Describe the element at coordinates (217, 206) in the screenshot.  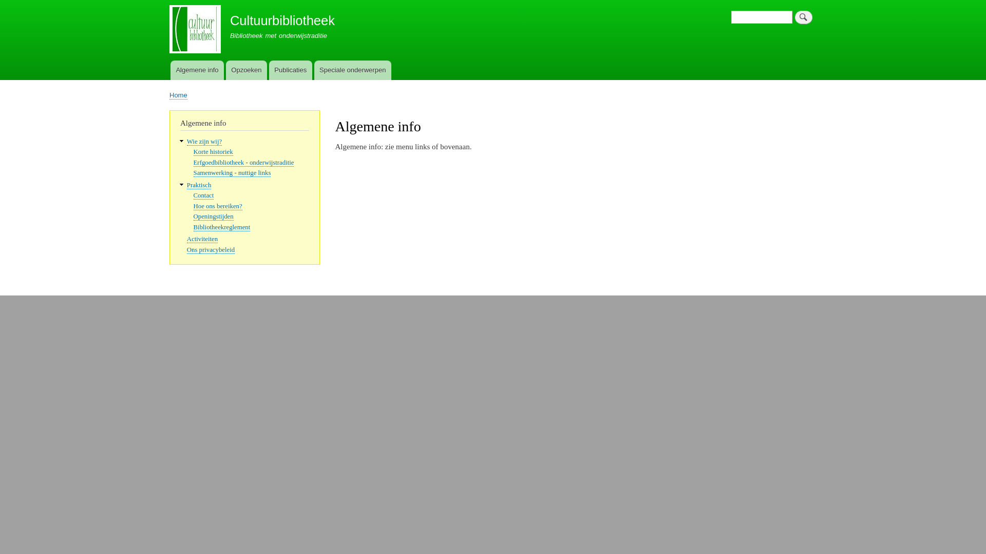
I see `'Hoe ons bereiken?'` at that location.